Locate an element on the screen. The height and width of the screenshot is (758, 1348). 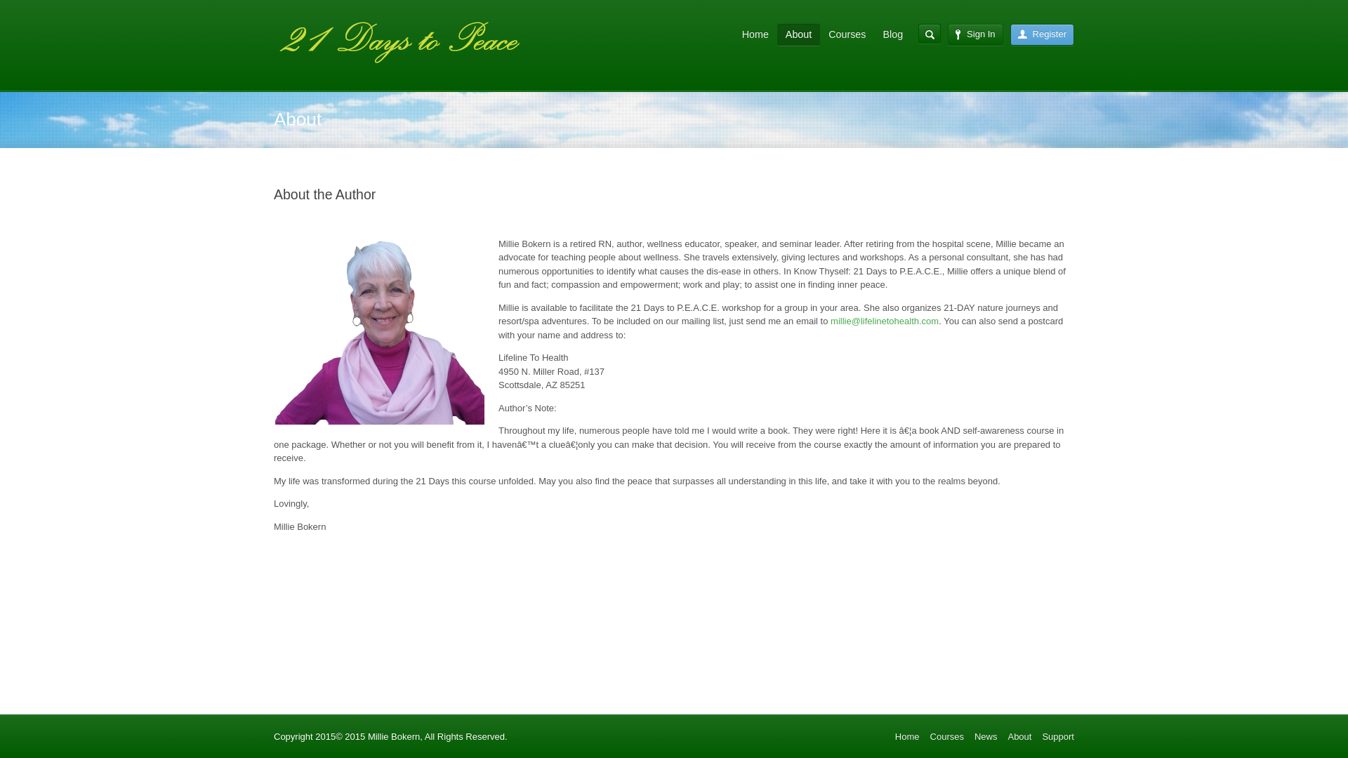
'Home' is located at coordinates (907, 736).